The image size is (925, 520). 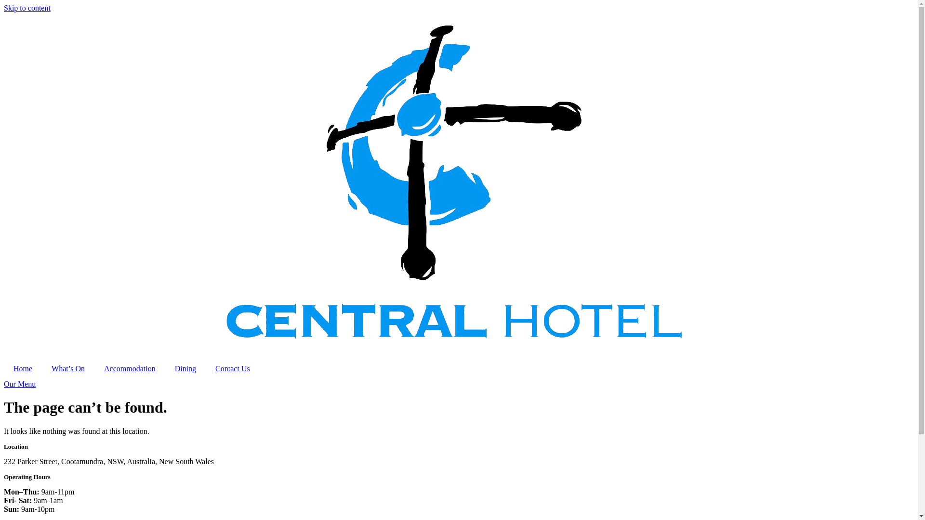 I want to click on 'Contact Us', so click(x=233, y=368).